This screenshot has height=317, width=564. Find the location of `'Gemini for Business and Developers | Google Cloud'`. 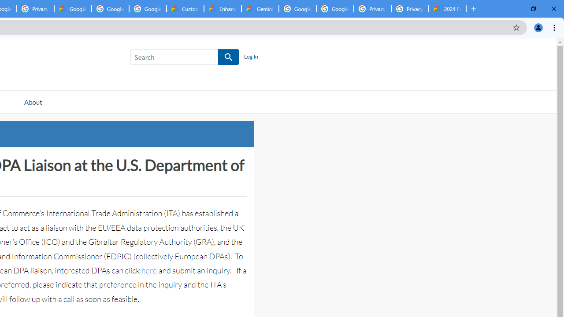

'Gemini for Business and Developers | Google Cloud' is located at coordinates (260, 9).